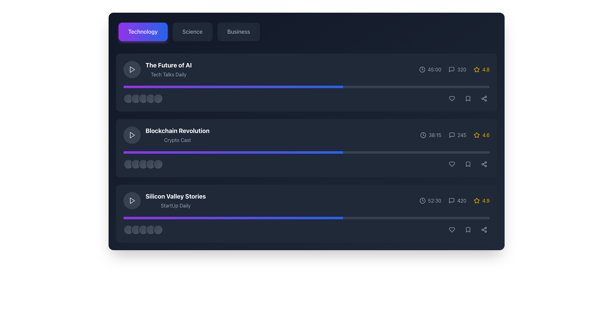 Image resolution: width=594 pixels, height=334 pixels. What do you see at coordinates (462, 69) in the screenshot?
I see `value displayed in the text label showing the number '320', which is located on the right side of the comment bubble icon in the first horizontal list item of the podcast entry list` at bounding box center [462, 69].